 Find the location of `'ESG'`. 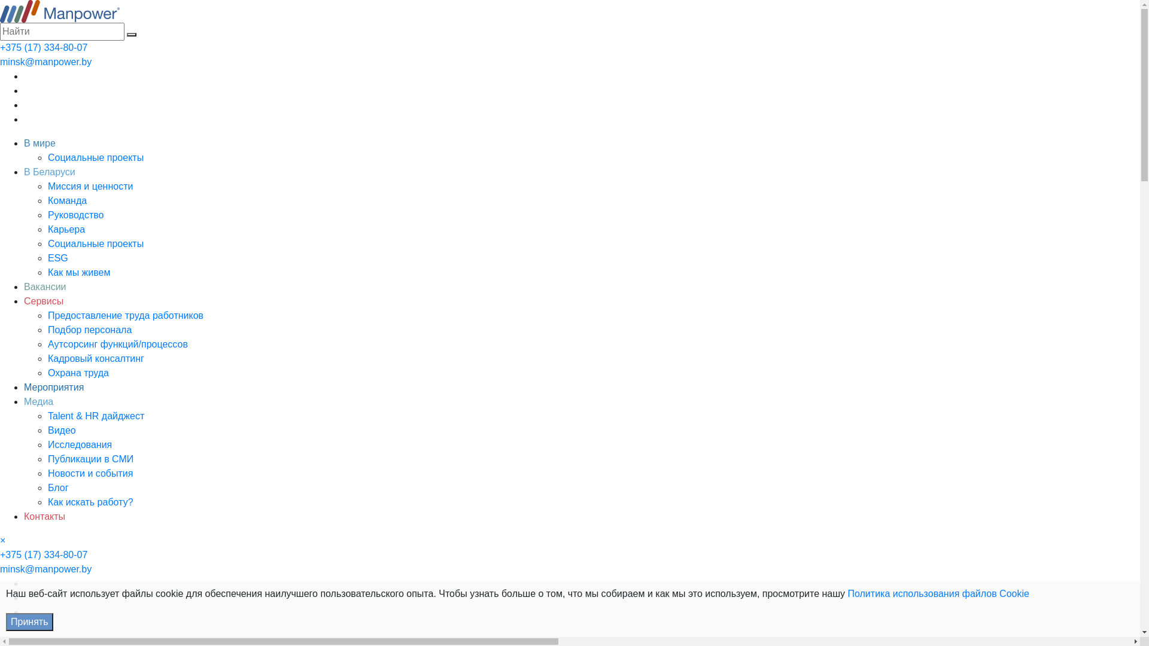

'ESG' is located at coordinates (57, 257).